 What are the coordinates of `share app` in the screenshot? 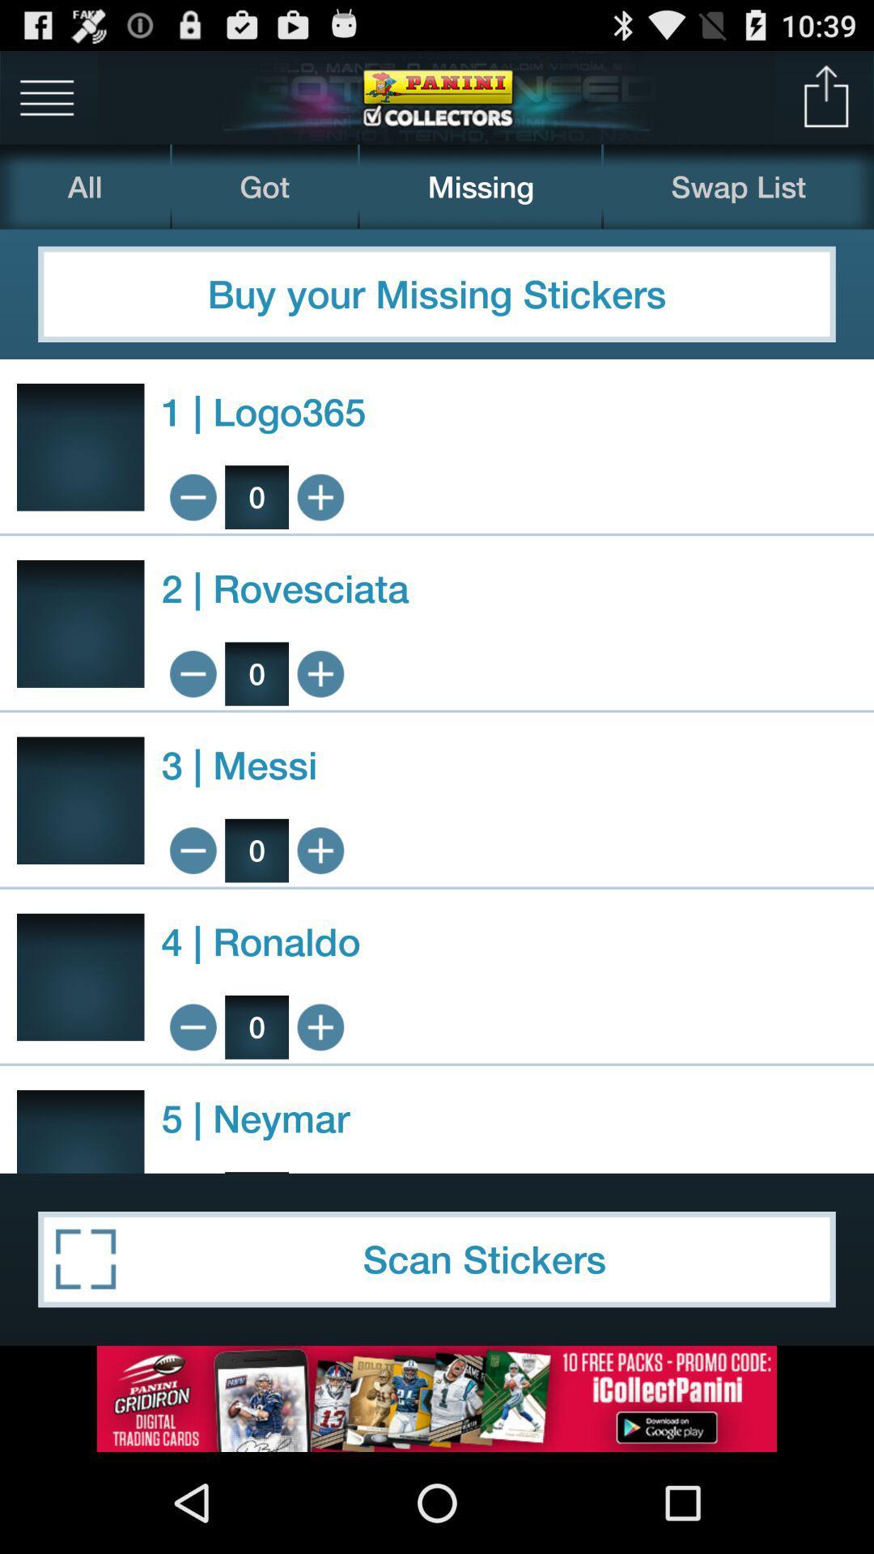 It's located at (826, 96).